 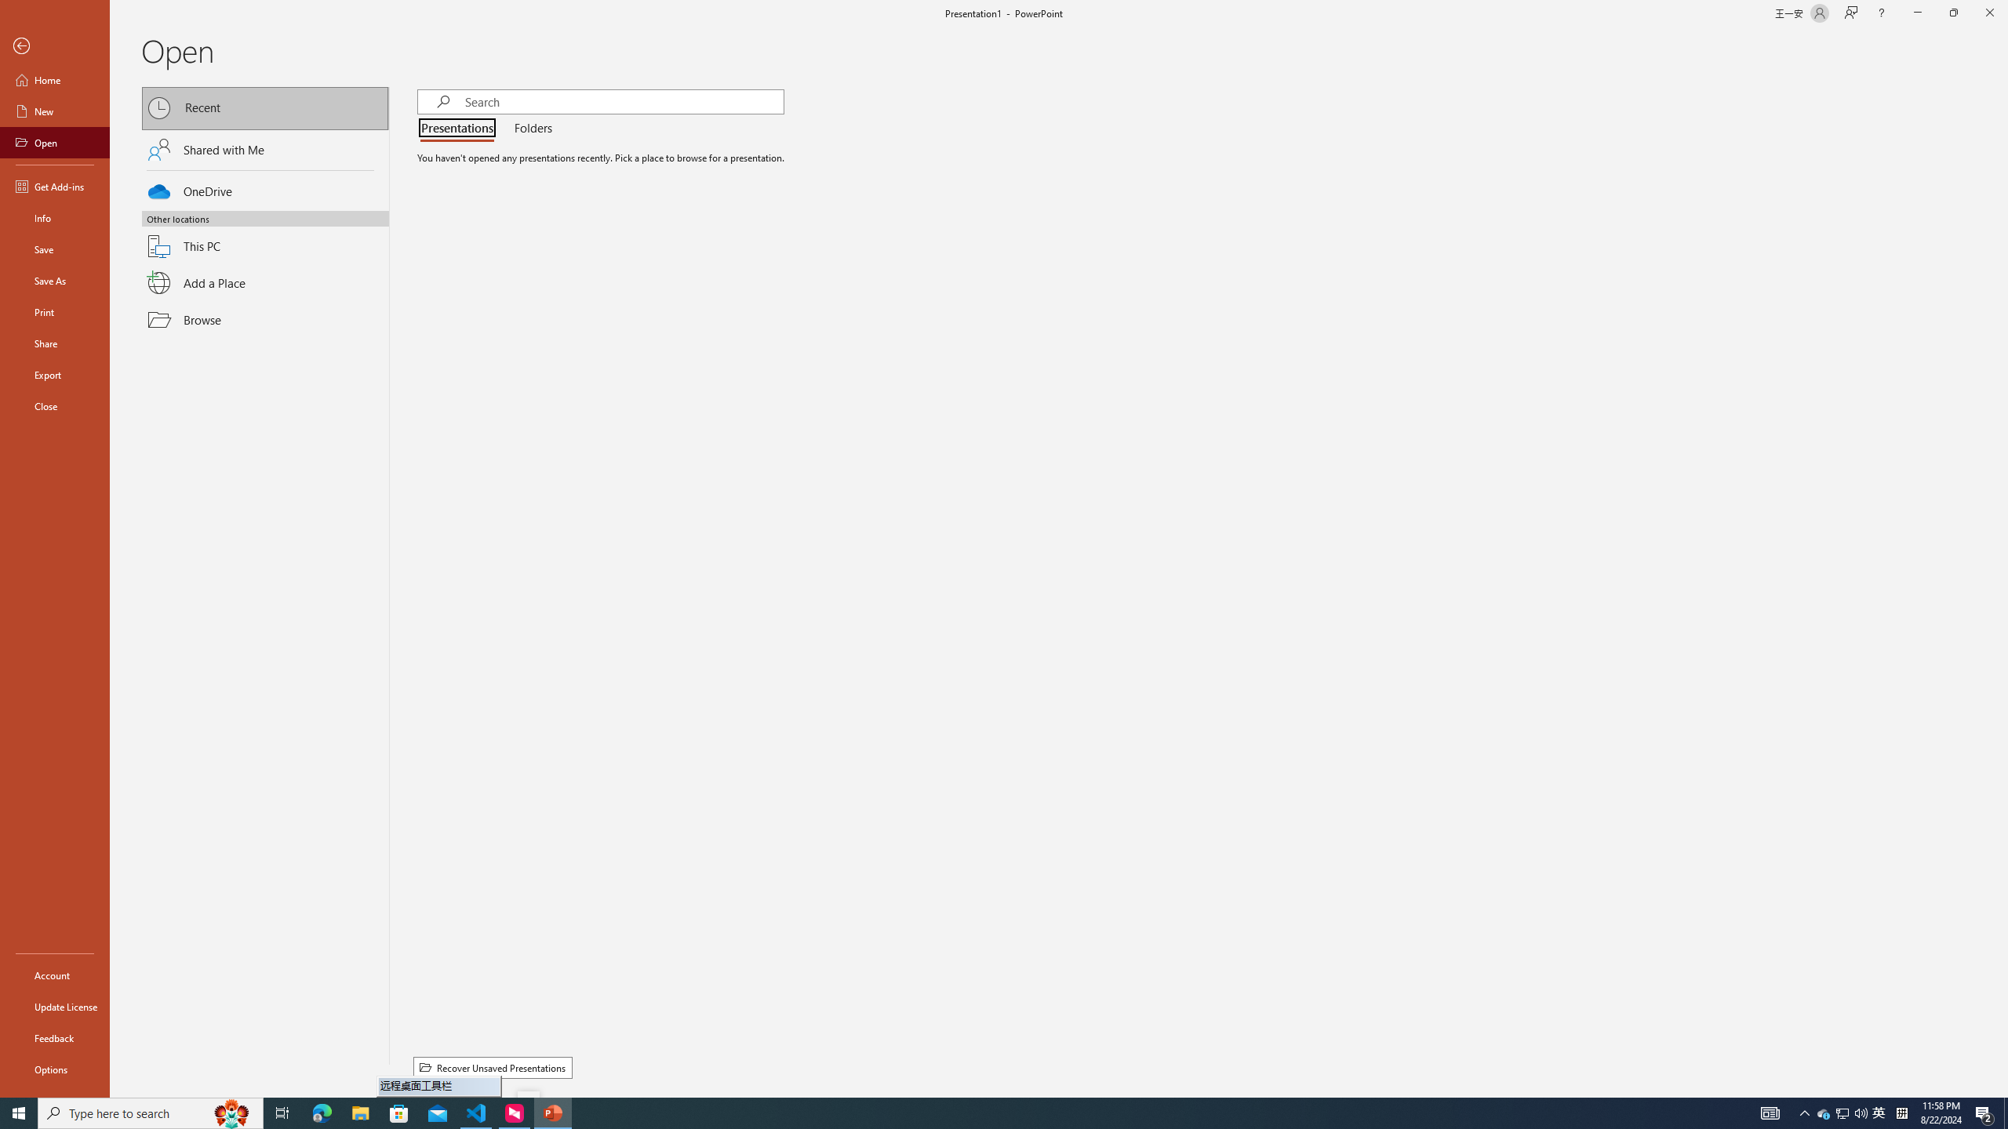 What do you see at coordinates (54, 1038) in the screenshot?
I see `'Feedback'` at bounding box center [54, 1038].